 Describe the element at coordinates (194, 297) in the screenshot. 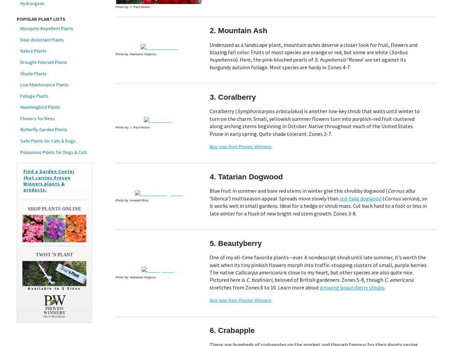

I see `'Privacy Policy'` at that location.